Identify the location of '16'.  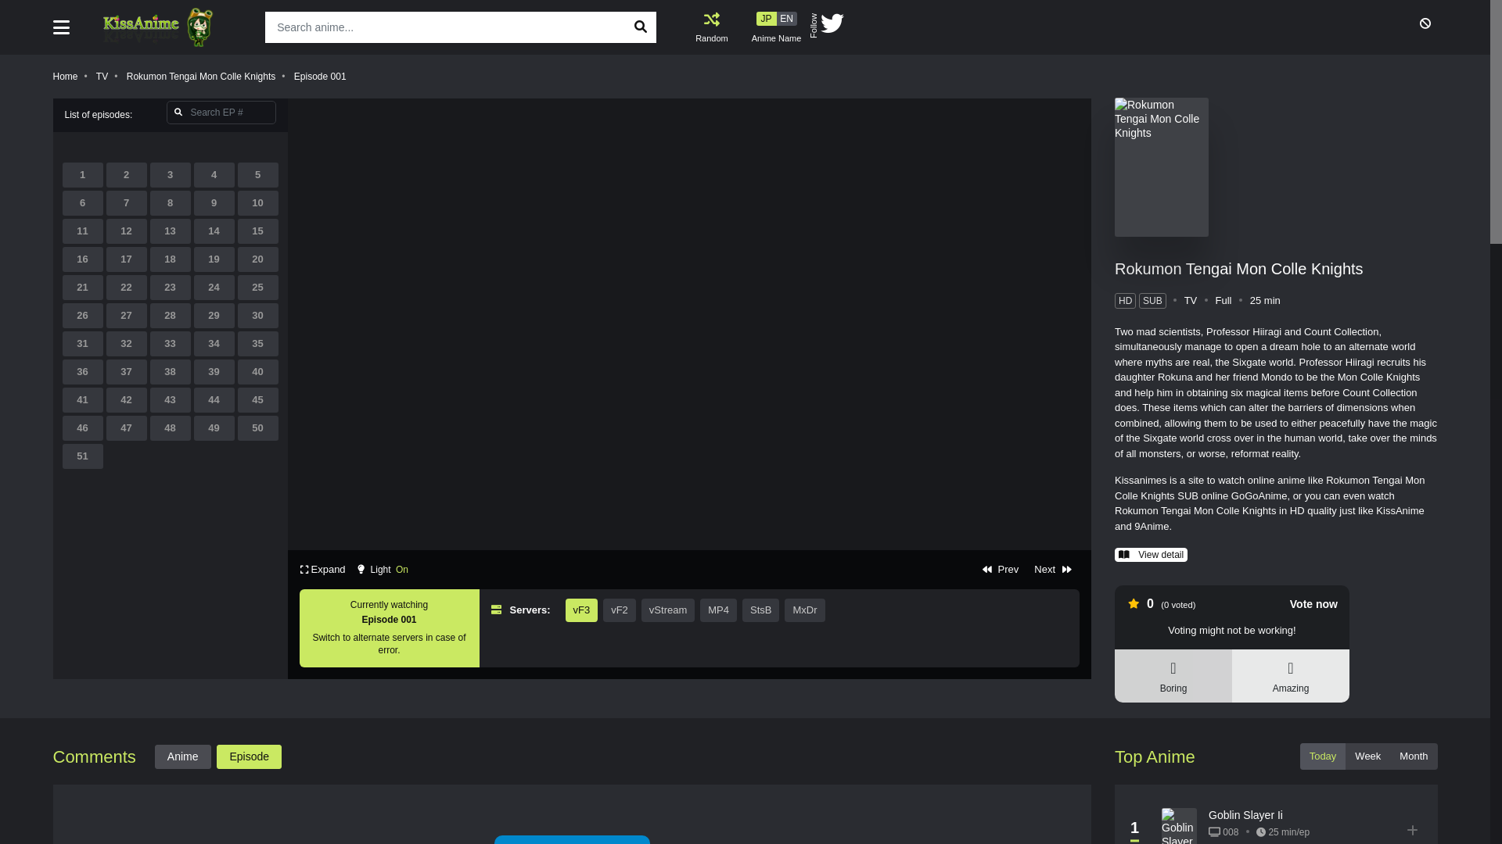
(63, 258).